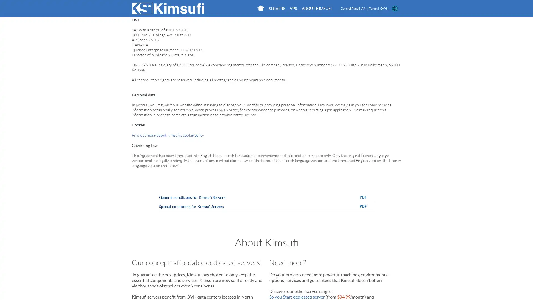 Image resolution: width=533 pixels, height=300 pixels. What do you see at coordinates (333, 137) in the screenshot?
I see `Set` at bounding box center [333, 137].